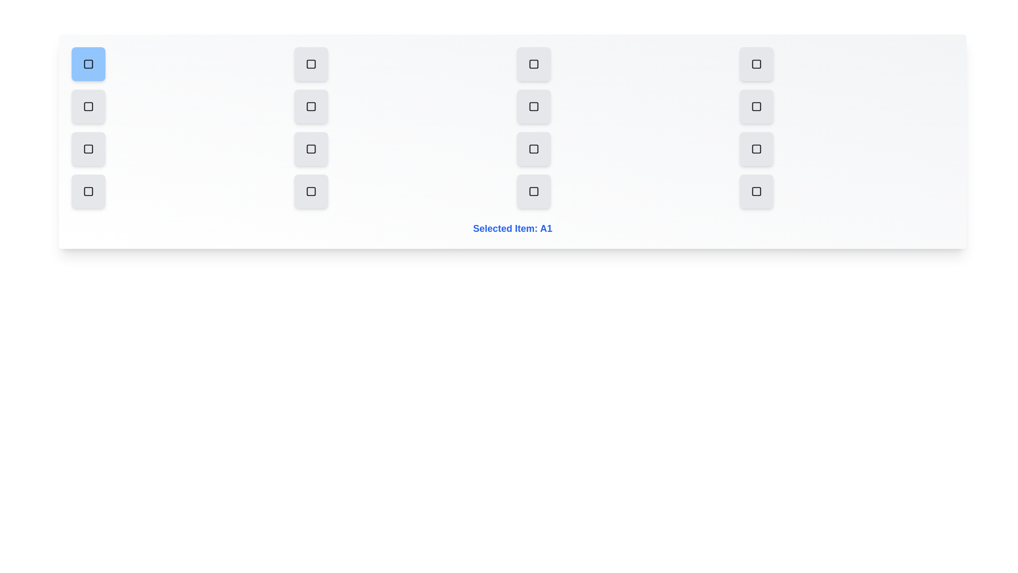 The height and width of the screenshot is (573, 1018). Describe the element at coordinates (89, 64) in the screenshot. I see `the grid item A1 to select it` at that location.